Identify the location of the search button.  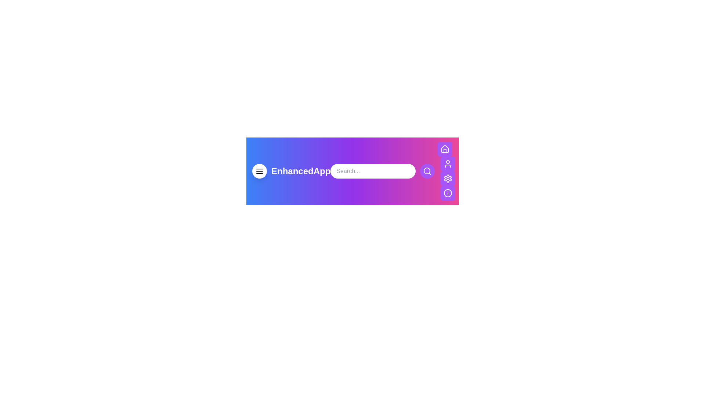
(427, 171).